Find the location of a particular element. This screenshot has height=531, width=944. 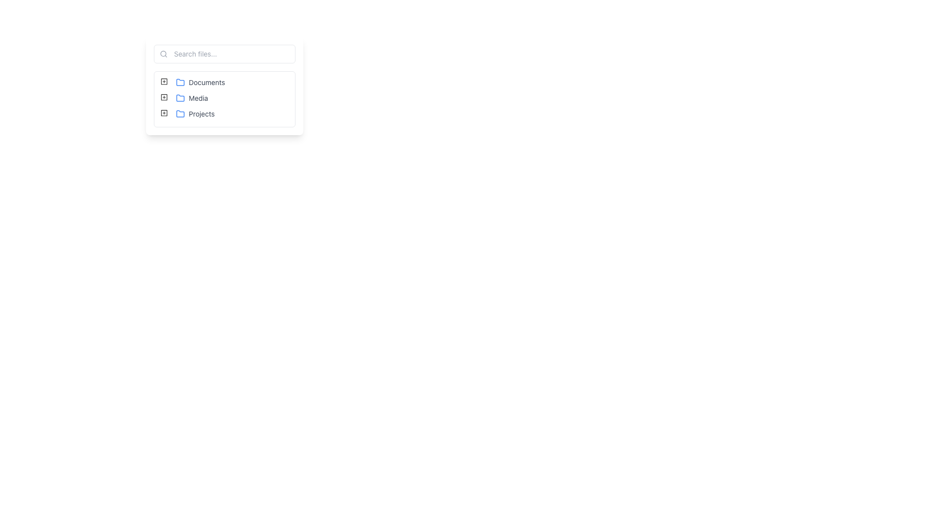

the SVG Circle Element representing the magnifying glass of the search icon located at the top-left corner of the 'Search files...' text input field is located at coordinates (163, 54).